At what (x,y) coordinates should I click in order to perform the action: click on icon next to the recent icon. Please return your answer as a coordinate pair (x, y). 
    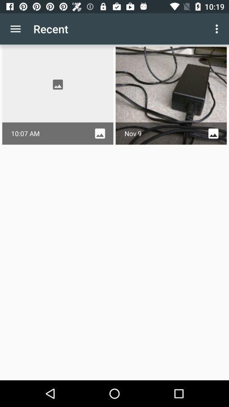
    Looking at the image, I should click on (218, 29).